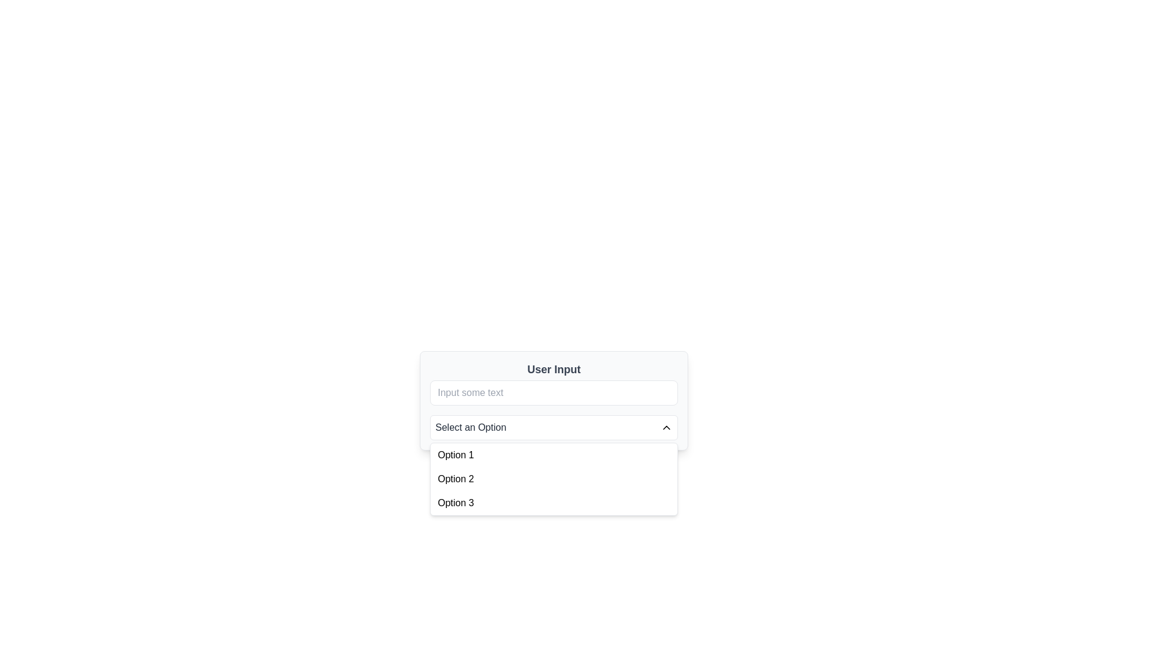  Describe the element at coordinates (470, 427) in the screenshot. I see `the text label that indicates the function of the dropdown menu, positioned to the left of the dropdown indicator icon` at that location.